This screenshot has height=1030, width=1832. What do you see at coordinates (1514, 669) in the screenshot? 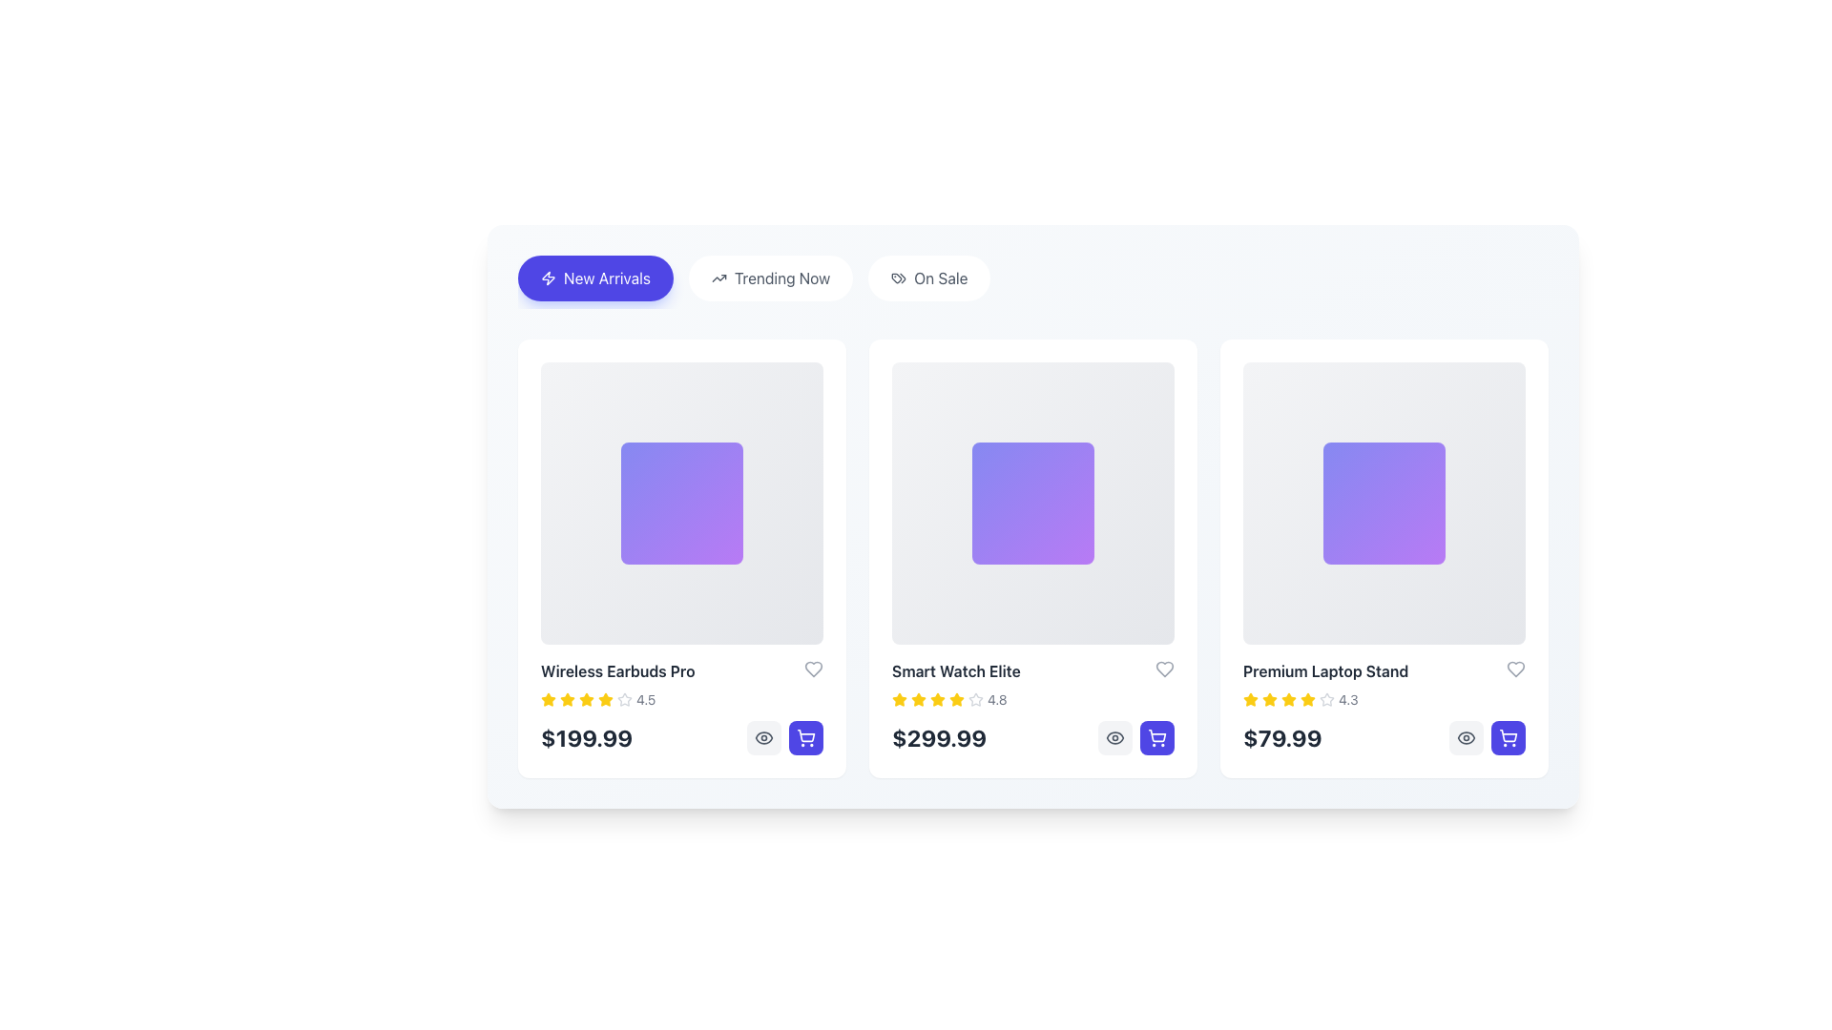
I see `the favorite icon located in the top-right corner of the 'Premium Laptop Stand' card` at bounding box center [1514, 669].